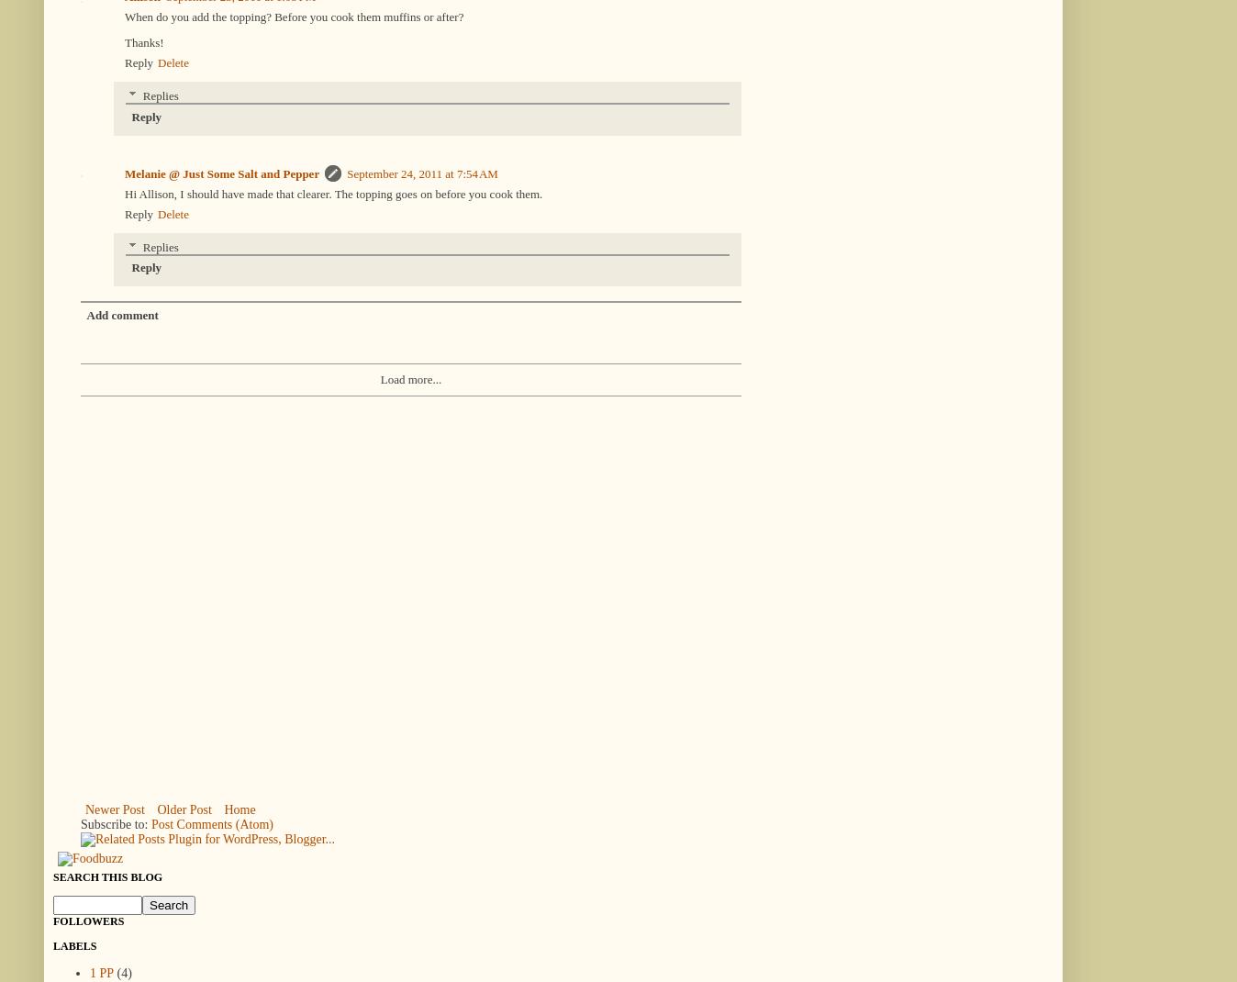  I want to click on 'Thanks!', so click(143, 40).